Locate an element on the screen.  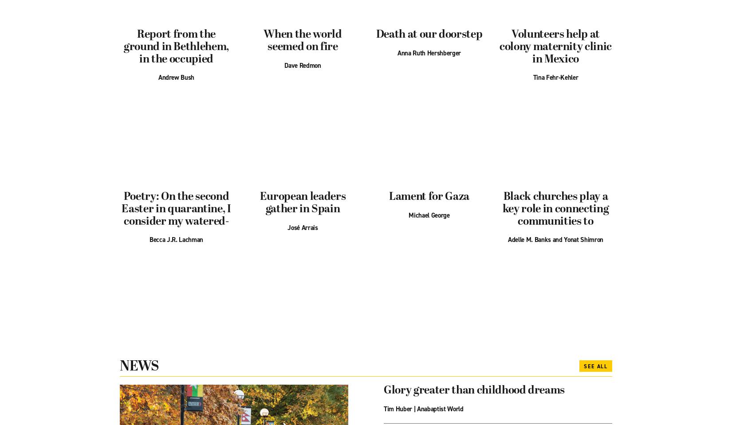
'Tim Huber' is located at coordinates (383, 408).